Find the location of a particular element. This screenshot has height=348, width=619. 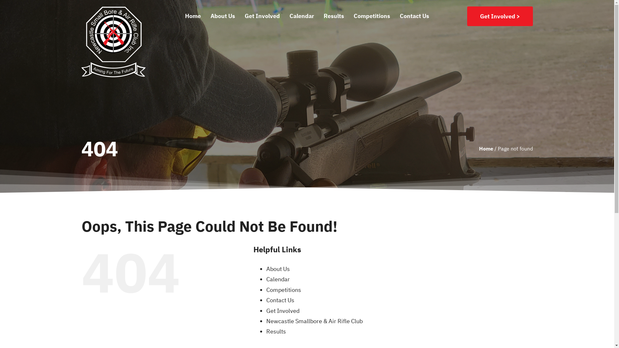

'Competitions' is located at coordinates (283, 289).